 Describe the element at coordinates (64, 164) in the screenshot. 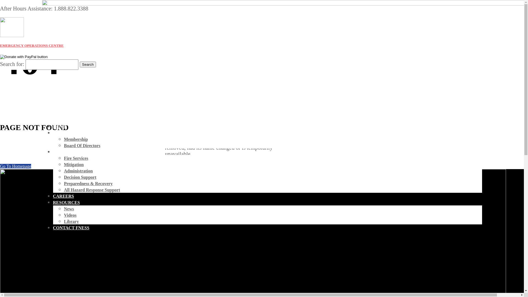

I see `'Mitigation'` at that location.